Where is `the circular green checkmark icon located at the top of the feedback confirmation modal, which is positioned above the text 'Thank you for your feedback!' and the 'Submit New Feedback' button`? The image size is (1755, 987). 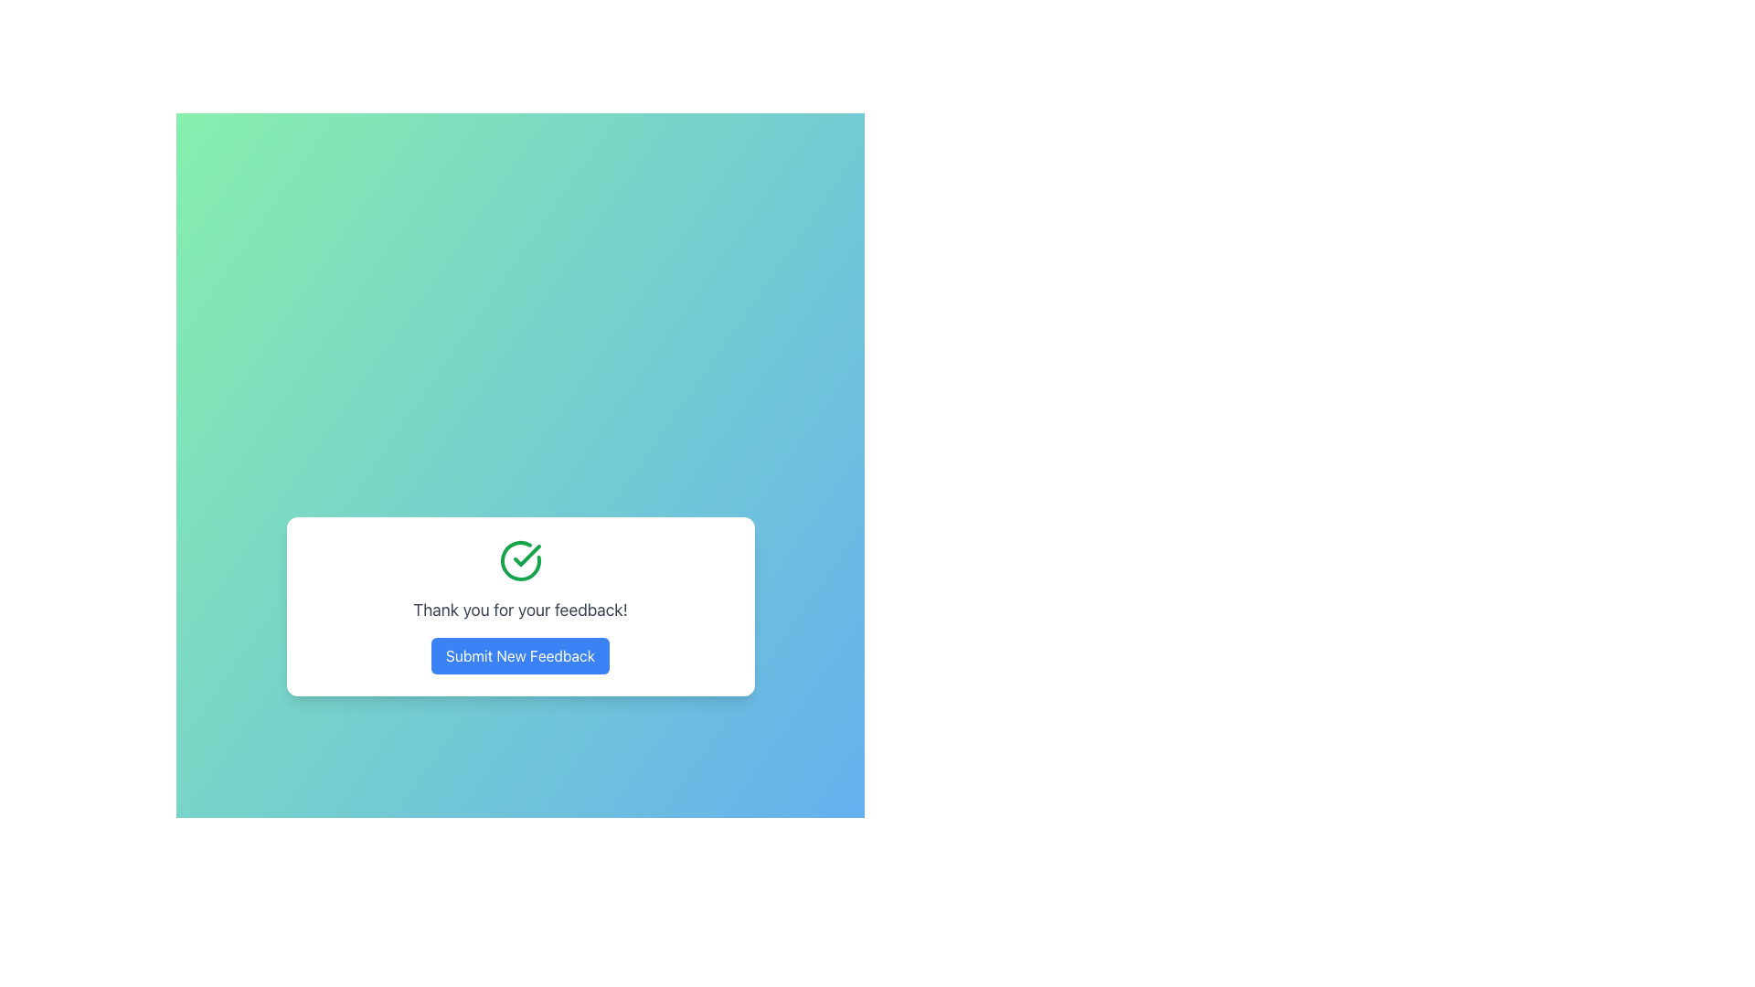 the circular green checkmark icon located at the top of the feedback confirmation modal, which is positioned above the text 'Thank you for your feedback!' and the 'Submit New Feedback' button is located at coordinates (519, 559).